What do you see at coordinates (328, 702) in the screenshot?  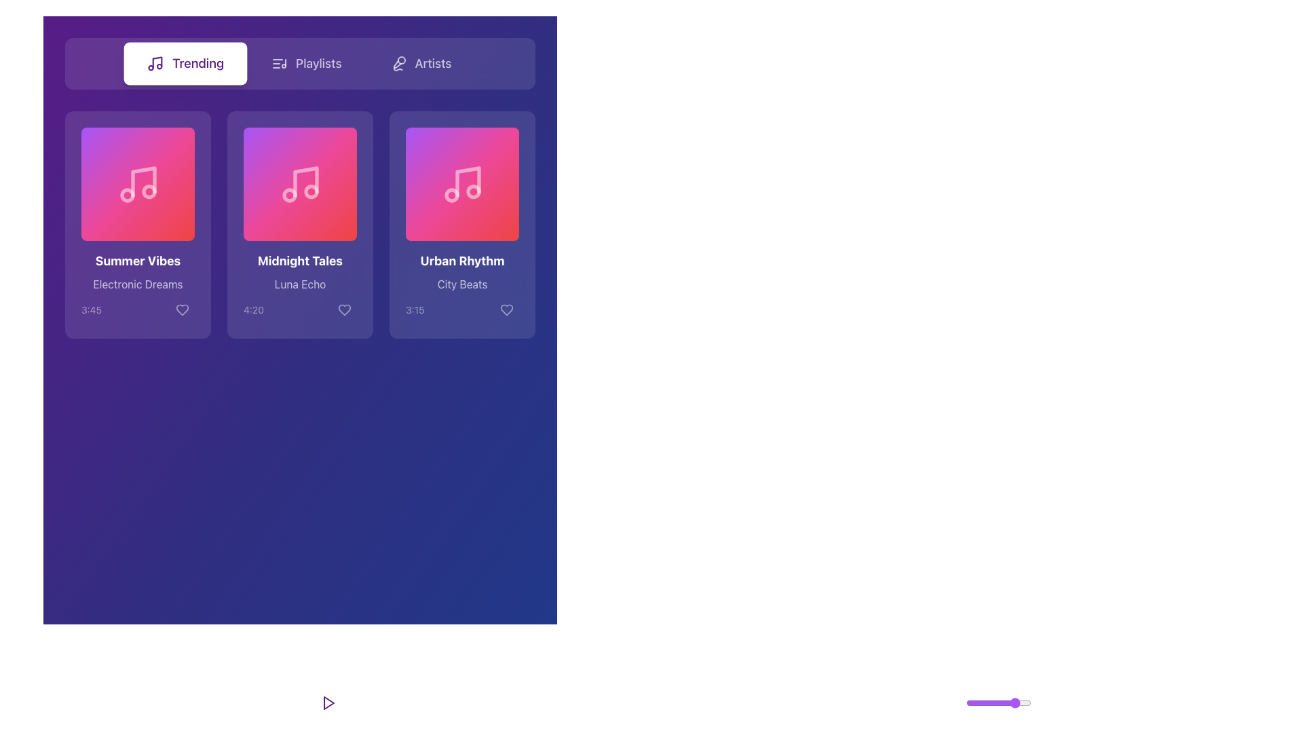 I see `the circular button with a purple border and play icon in the center` at bounding box center [328, 702].